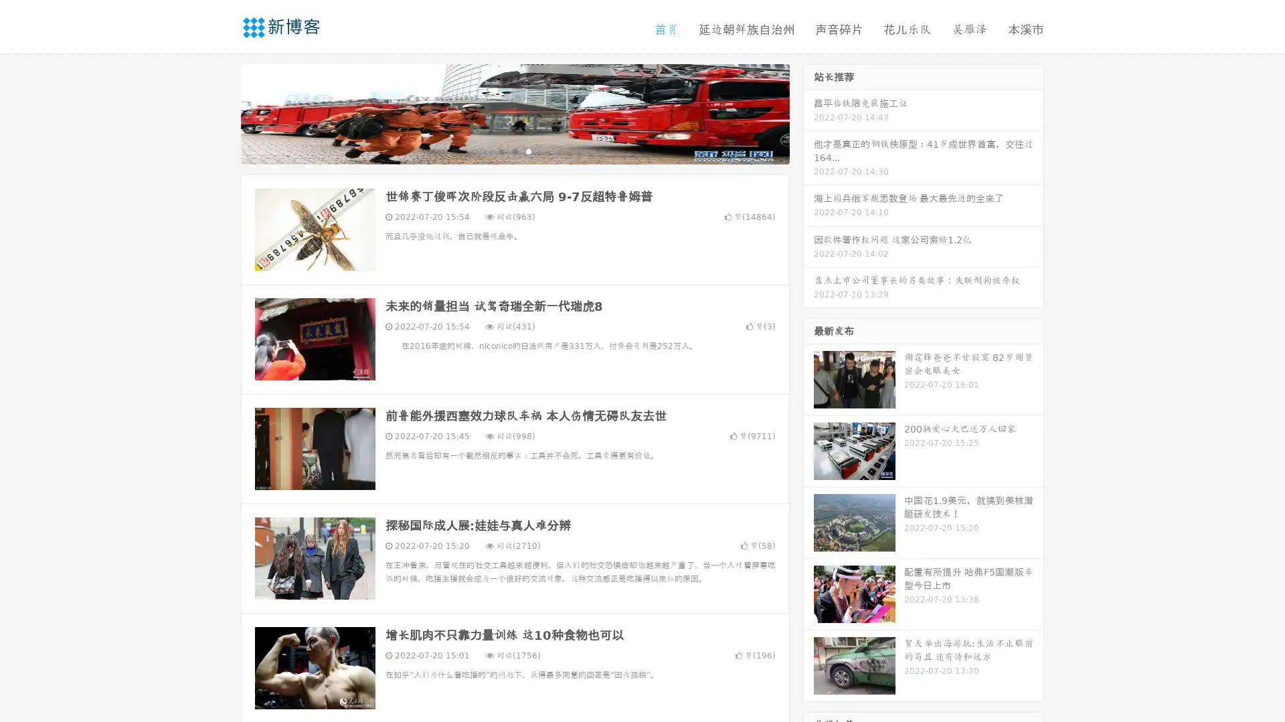 The image size is (1285, 722). I want to click on Go to slide 1, so click(501, 150).